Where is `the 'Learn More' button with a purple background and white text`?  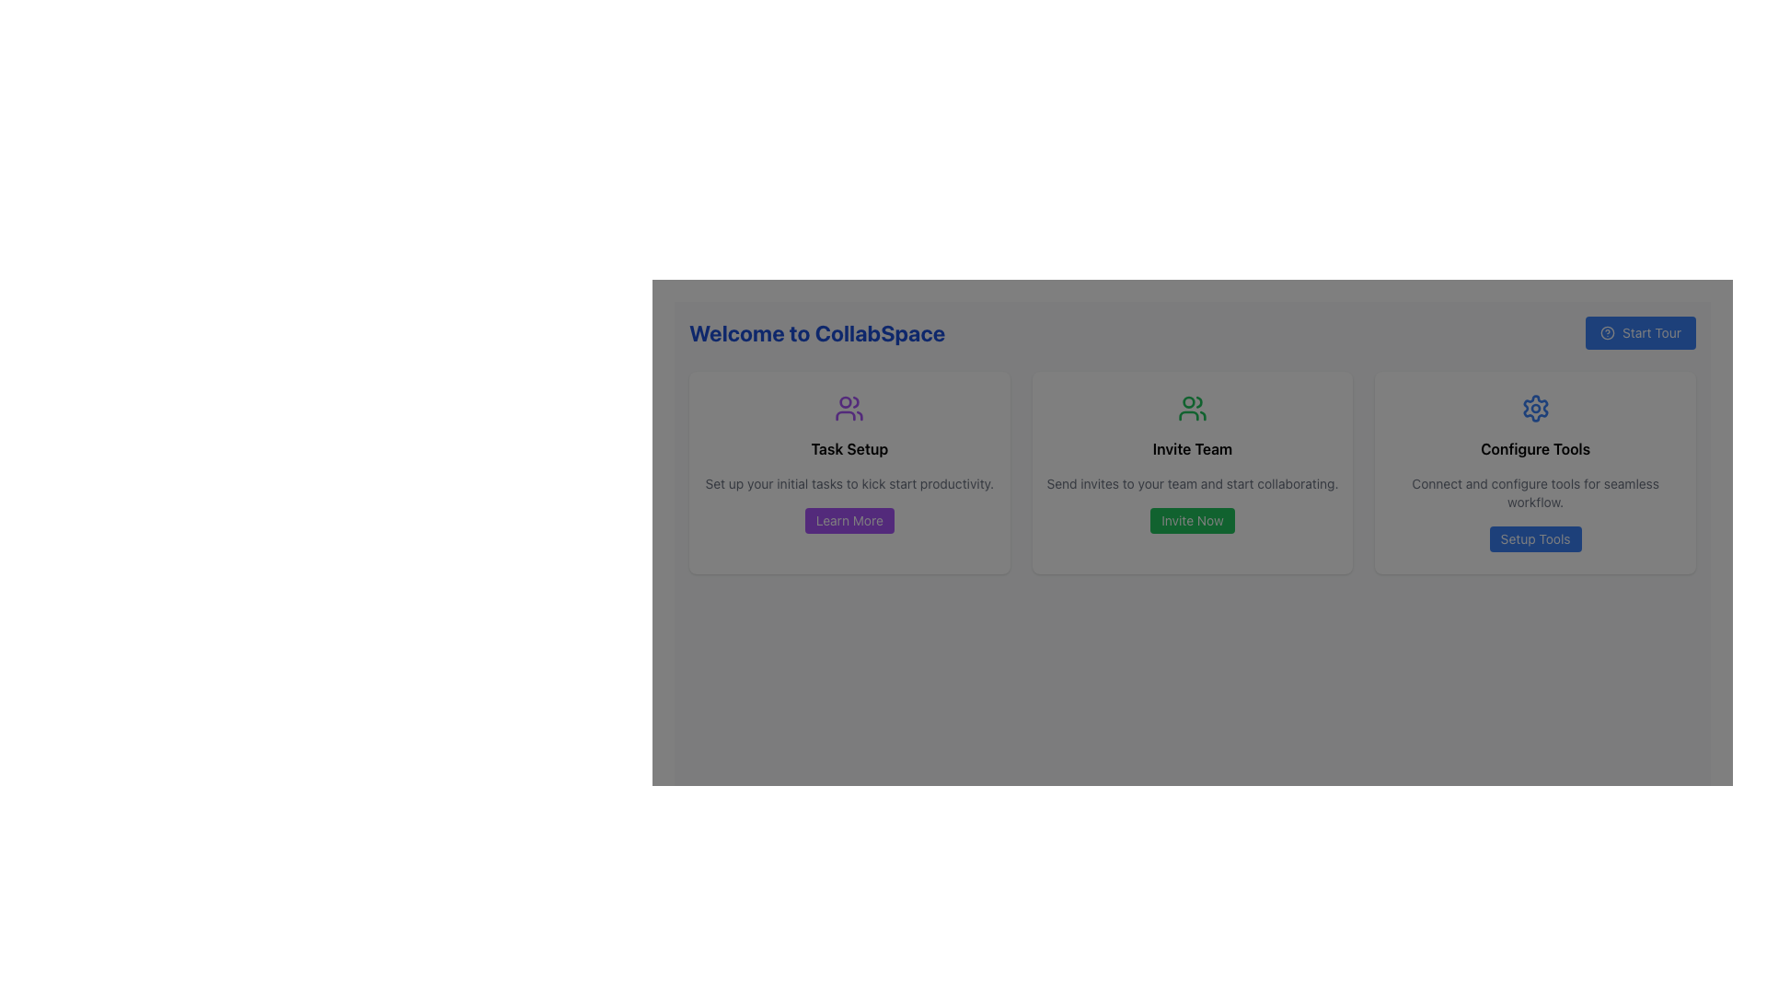
the 'Learn More' button with a purple background and white text is located at coordinates (849, 521).